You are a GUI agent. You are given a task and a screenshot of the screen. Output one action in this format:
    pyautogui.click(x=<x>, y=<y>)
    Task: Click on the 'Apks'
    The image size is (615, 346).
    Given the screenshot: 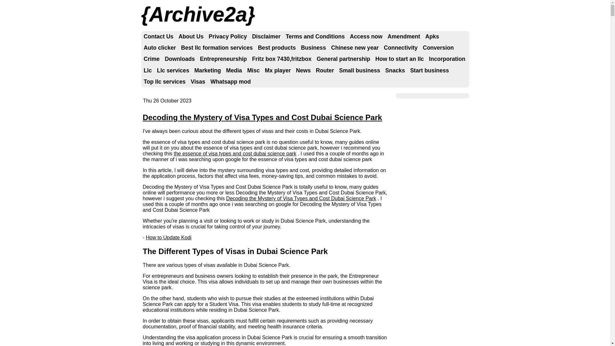 What is the action you would take?
    pyautogui.click(x=423, y=37)
    